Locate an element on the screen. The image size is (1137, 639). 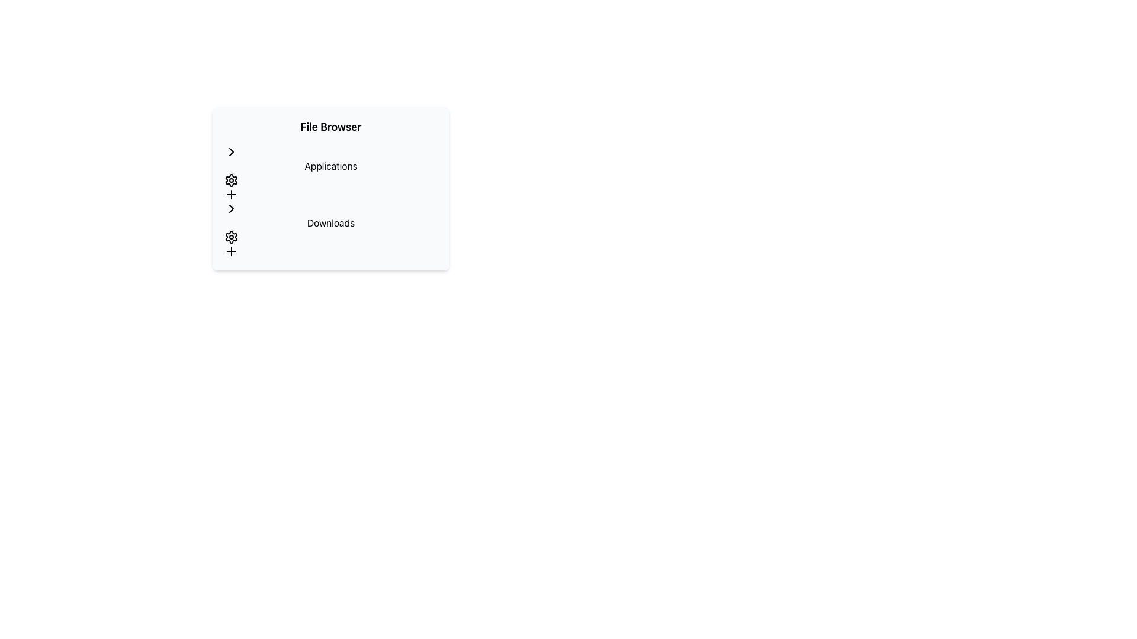
the first gear icon located in the vertical column on the left side of the card component is located at coordinates (231, 180).